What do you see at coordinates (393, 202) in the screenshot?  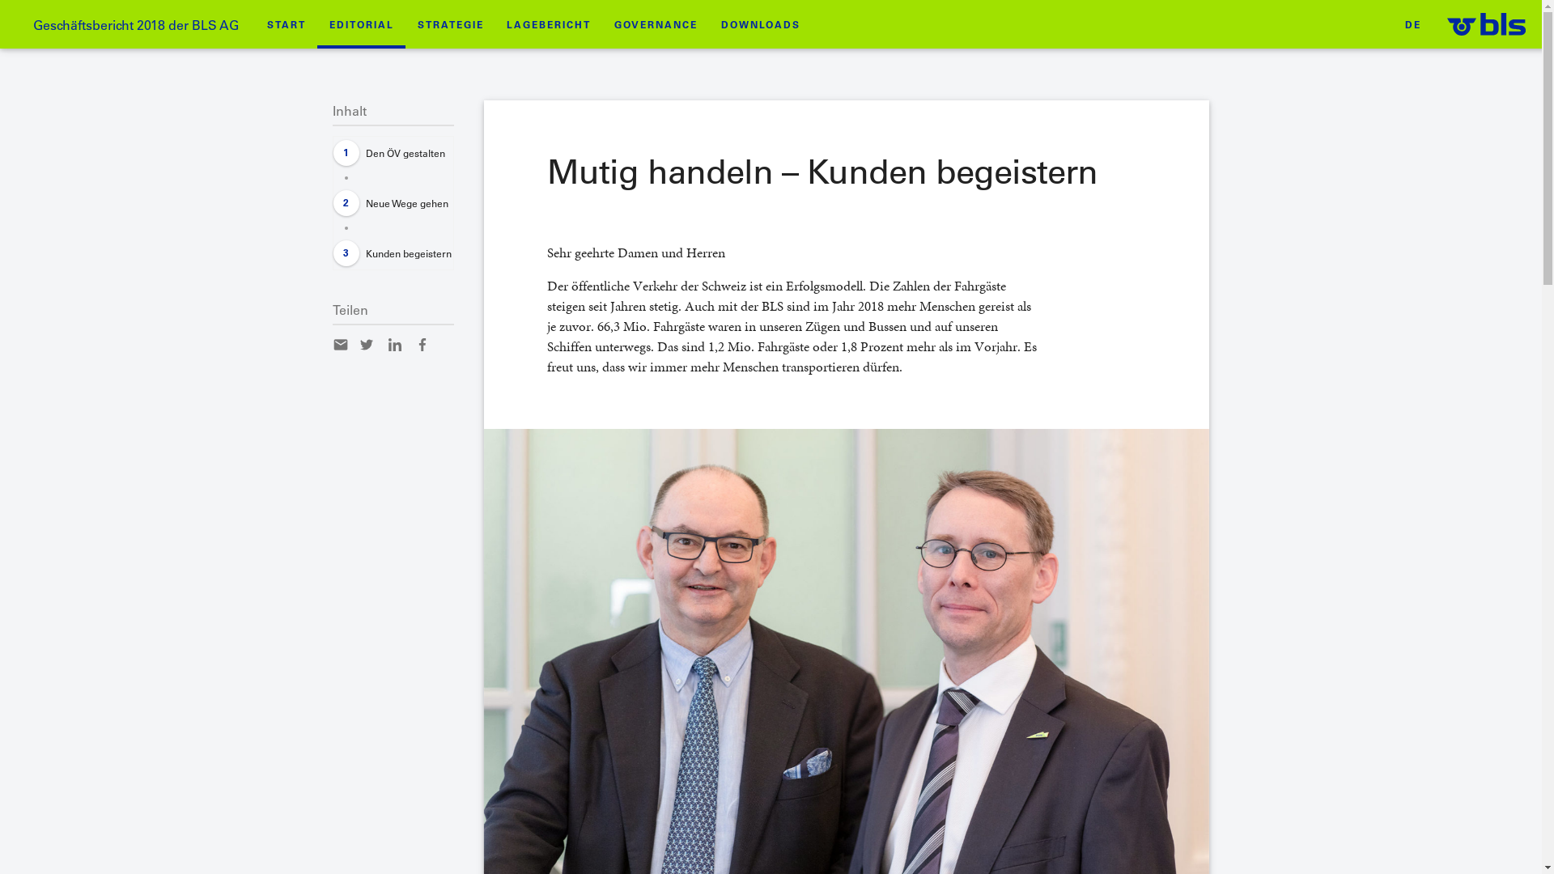 I see `'Neue Wege gehen'` at bounding box center [393, 202].